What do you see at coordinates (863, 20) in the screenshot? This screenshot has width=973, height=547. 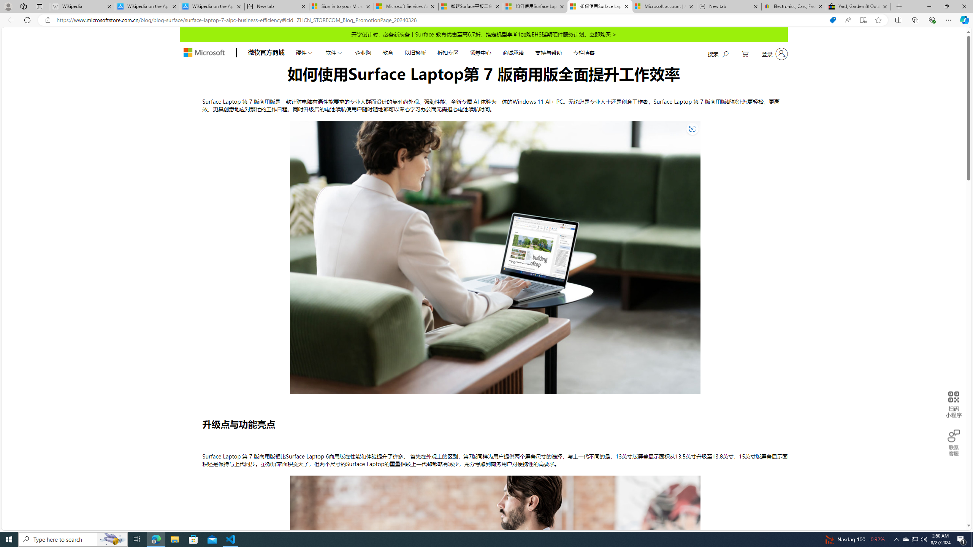 I see `'Enter Immersive Reader (F9)'` at bounding box center [863, 20].